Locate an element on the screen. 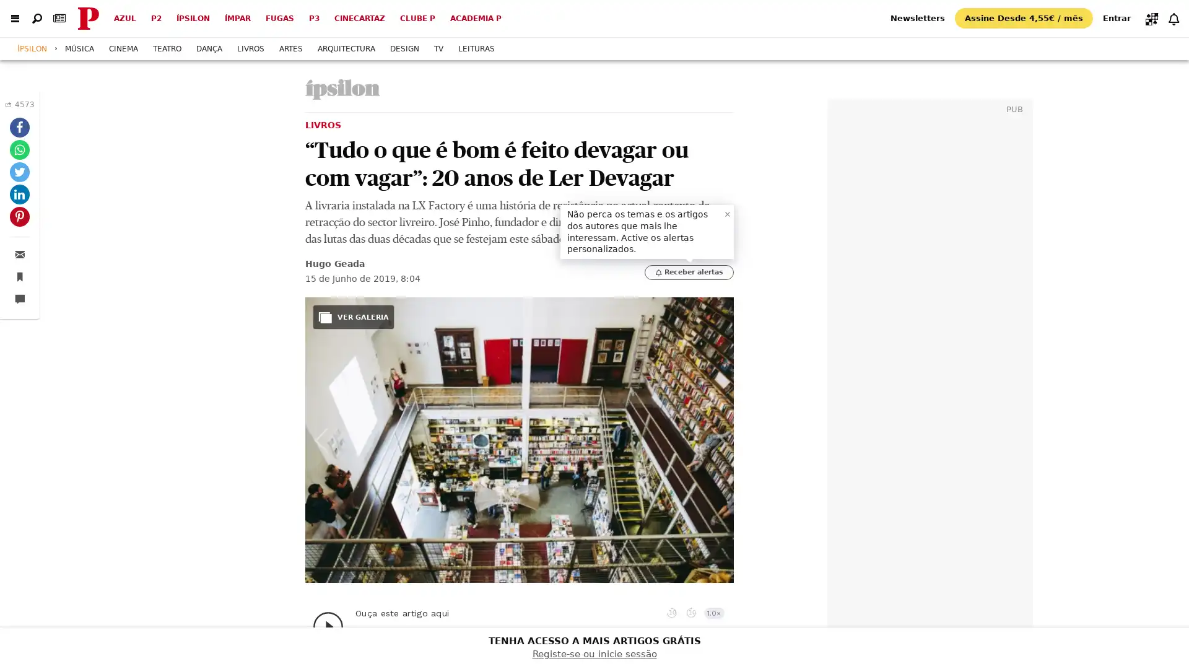 This screenshot has height=669, width=1189. Entrar is located at coordinates (1117, 17).